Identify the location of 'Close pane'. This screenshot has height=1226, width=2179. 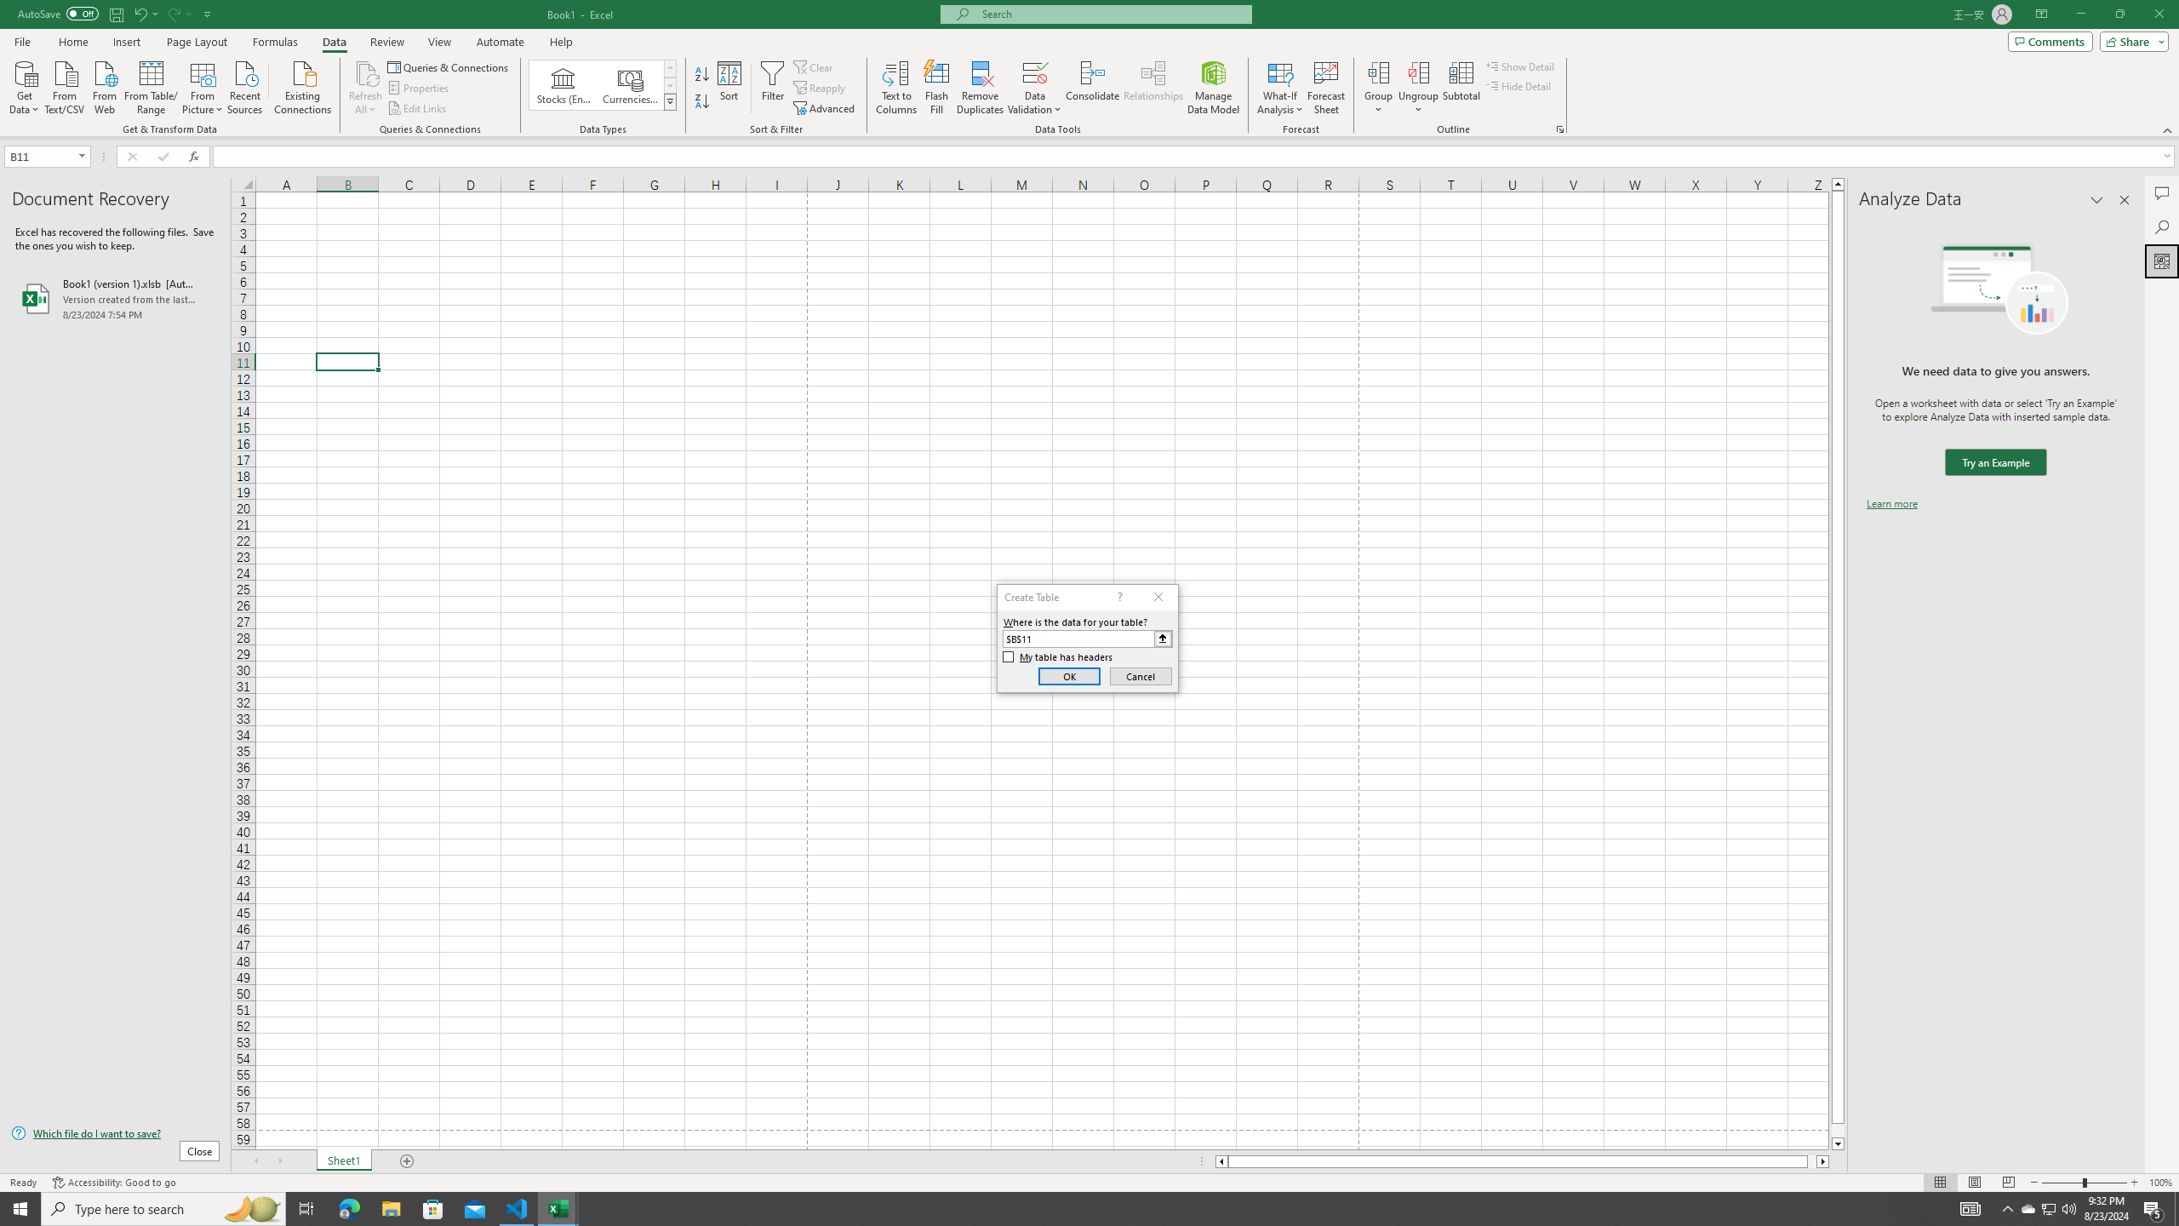
(2124, 199).